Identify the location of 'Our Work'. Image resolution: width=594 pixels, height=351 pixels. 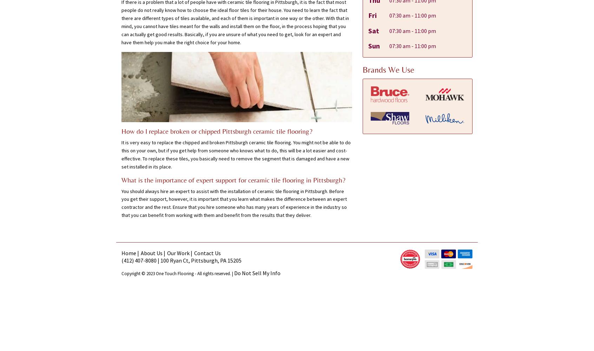
(178, 253).